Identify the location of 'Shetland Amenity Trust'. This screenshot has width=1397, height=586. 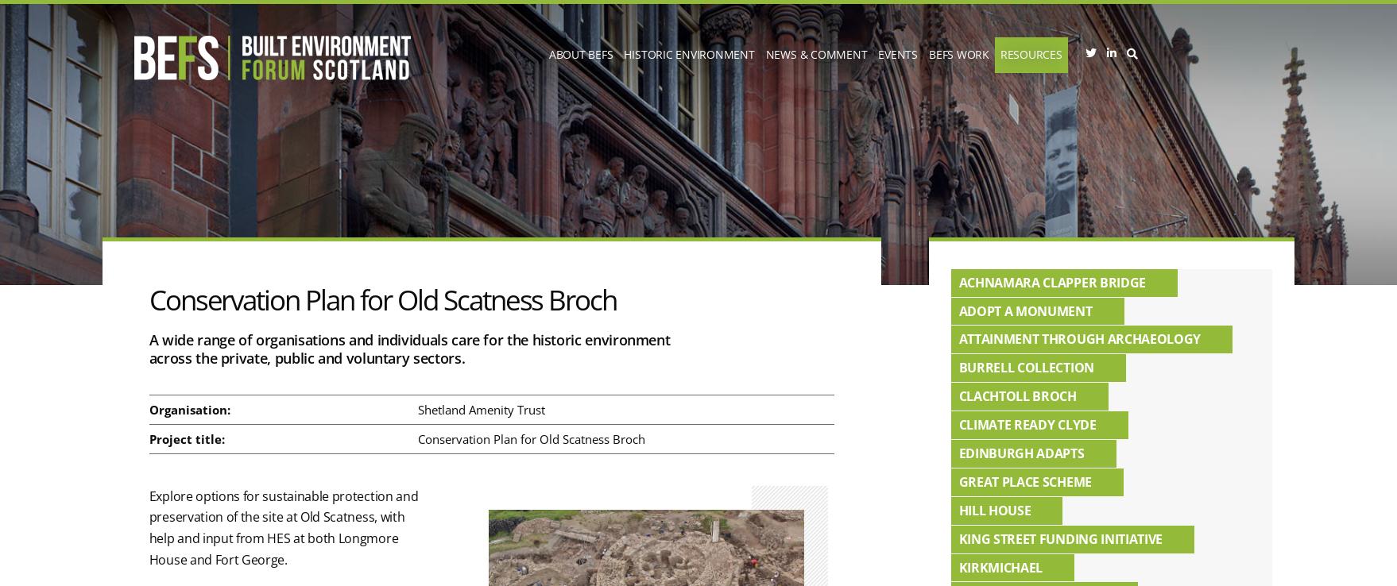
(481, 408).